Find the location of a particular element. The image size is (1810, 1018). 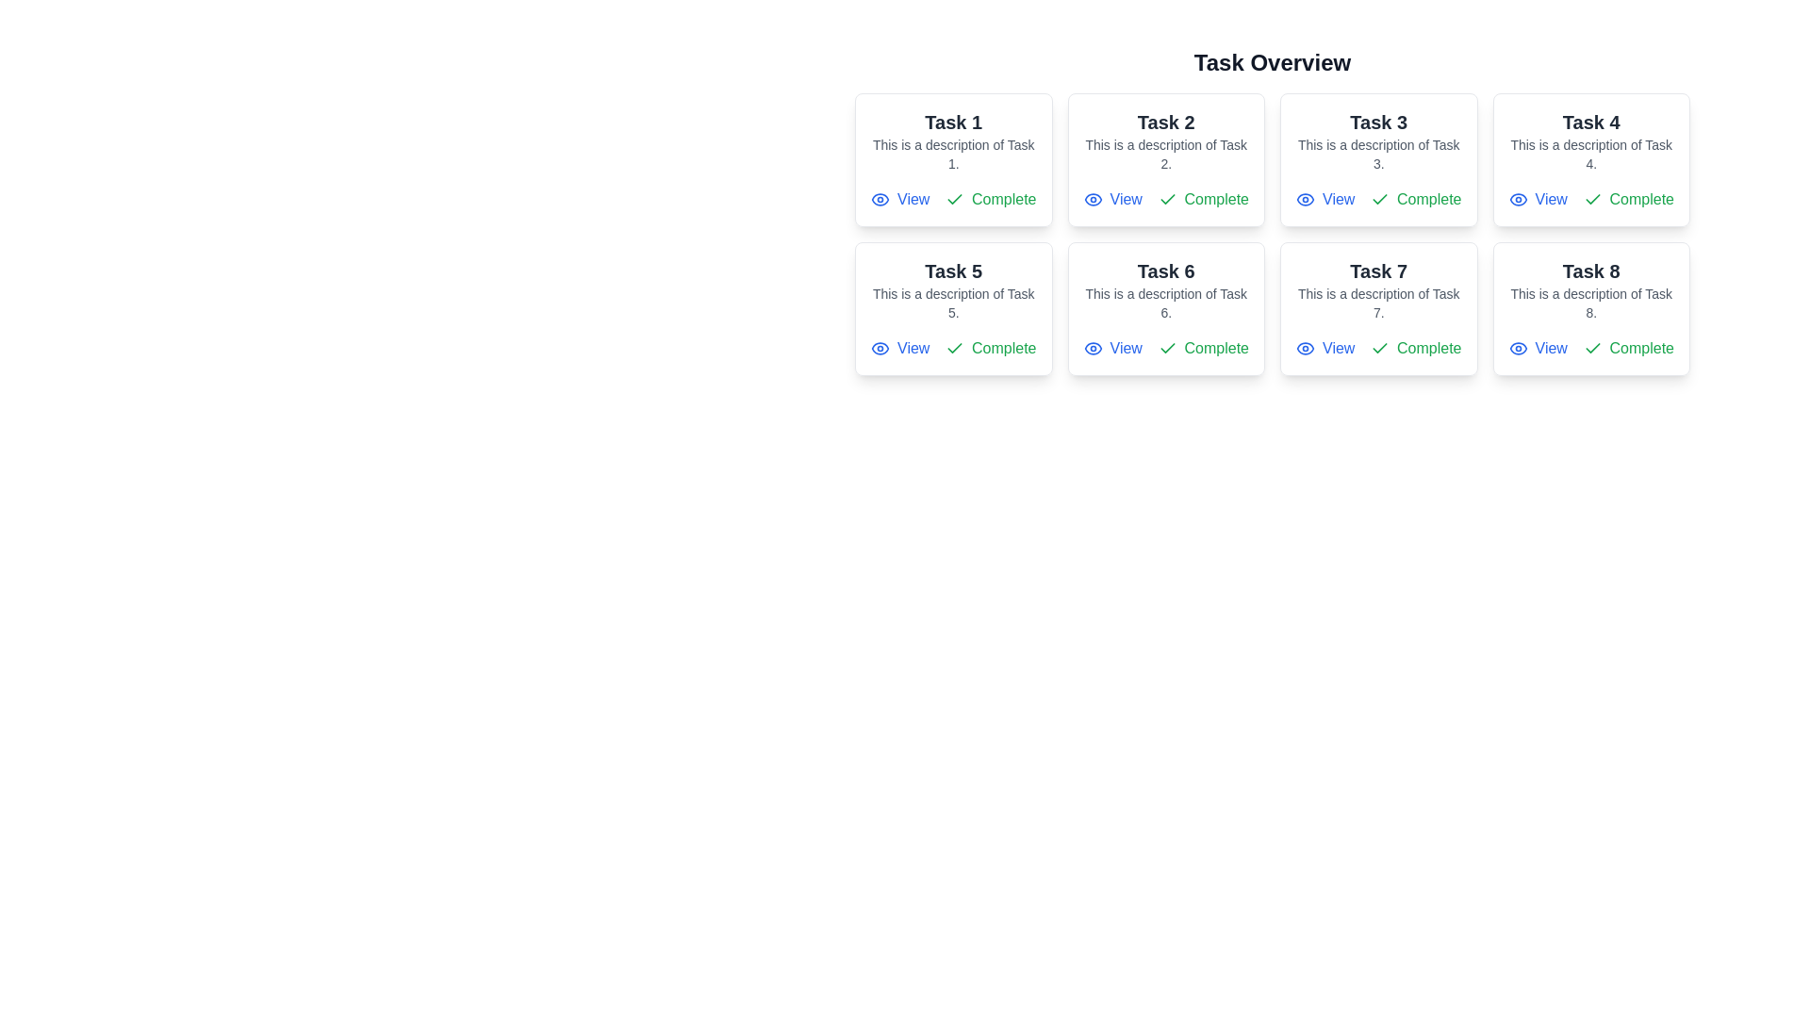

the checkmark icon with a green stroke indicating completion, located next to the 'Complete' label in the 'Task 6' card is located at coordinates (1166, 348).